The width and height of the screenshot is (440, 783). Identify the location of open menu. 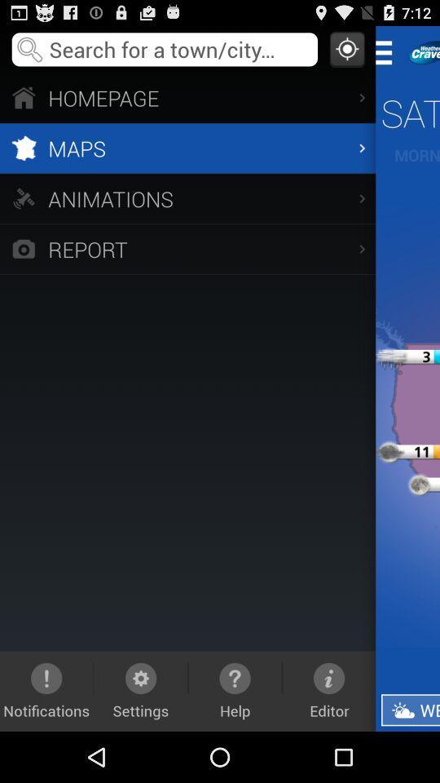
(388, 52).